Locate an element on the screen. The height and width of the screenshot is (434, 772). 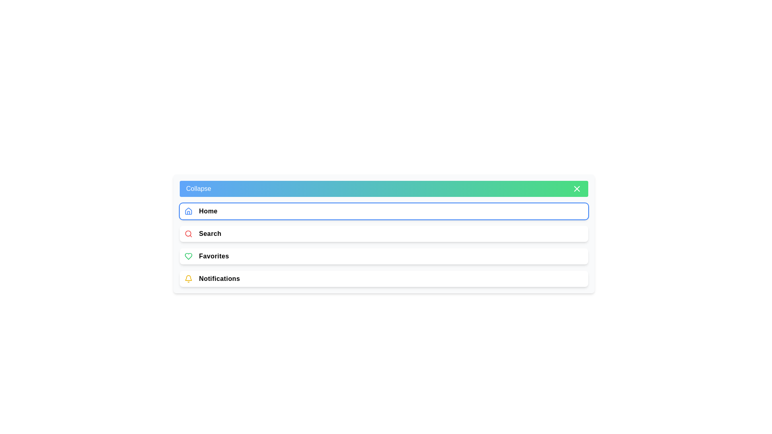
the menu item labeled Favorites is located at coordinates (384, 256).